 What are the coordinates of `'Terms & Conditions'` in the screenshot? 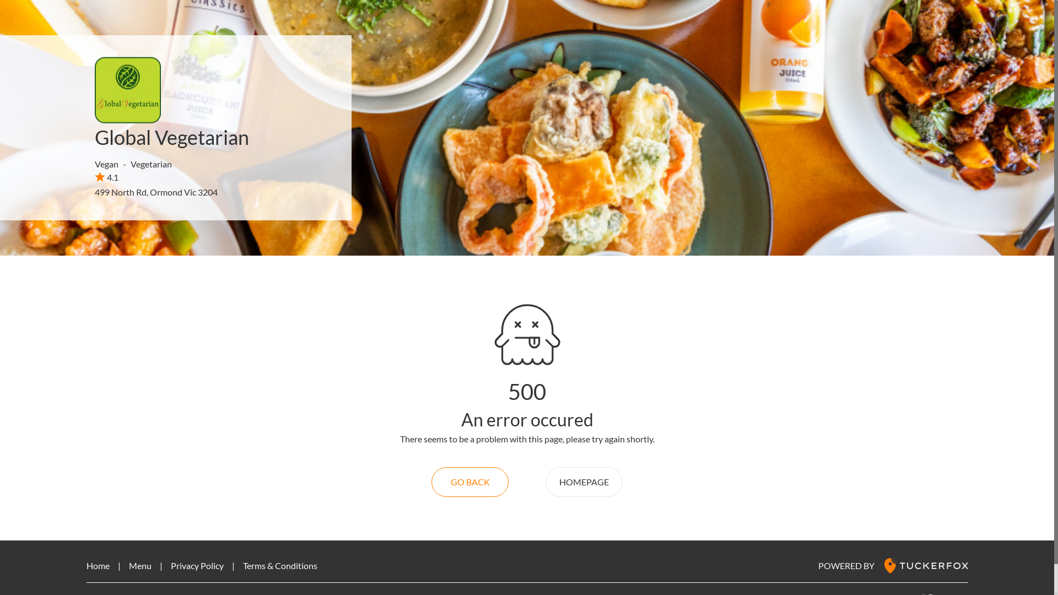 It's located at (279, 565).